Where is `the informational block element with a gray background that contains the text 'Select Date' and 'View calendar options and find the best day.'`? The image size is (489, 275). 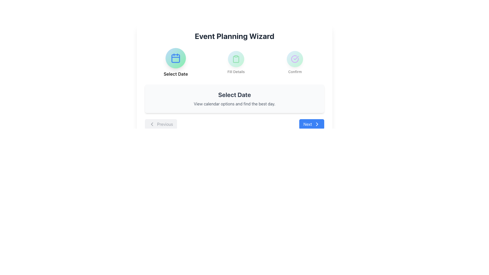 the informational block element with a gray background that contains the text 'Select Date' and 'View calendar options and find the best day.' is located at coordinates (234, 99).